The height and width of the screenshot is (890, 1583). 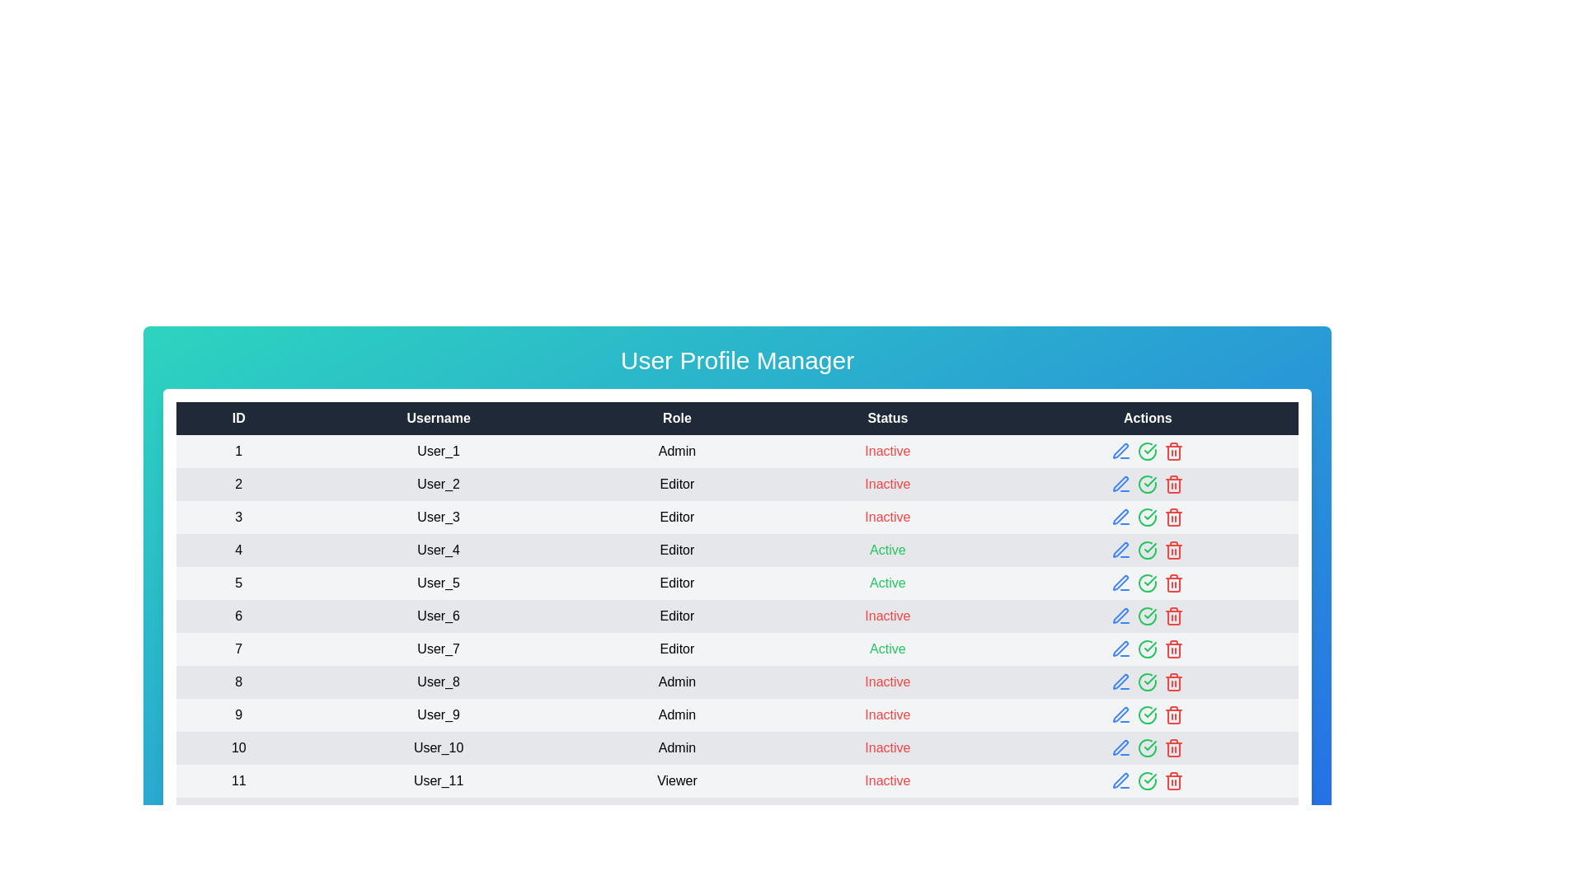 I want to click on the status icon to change the user's status to Active, so click(x=1147, y=451).